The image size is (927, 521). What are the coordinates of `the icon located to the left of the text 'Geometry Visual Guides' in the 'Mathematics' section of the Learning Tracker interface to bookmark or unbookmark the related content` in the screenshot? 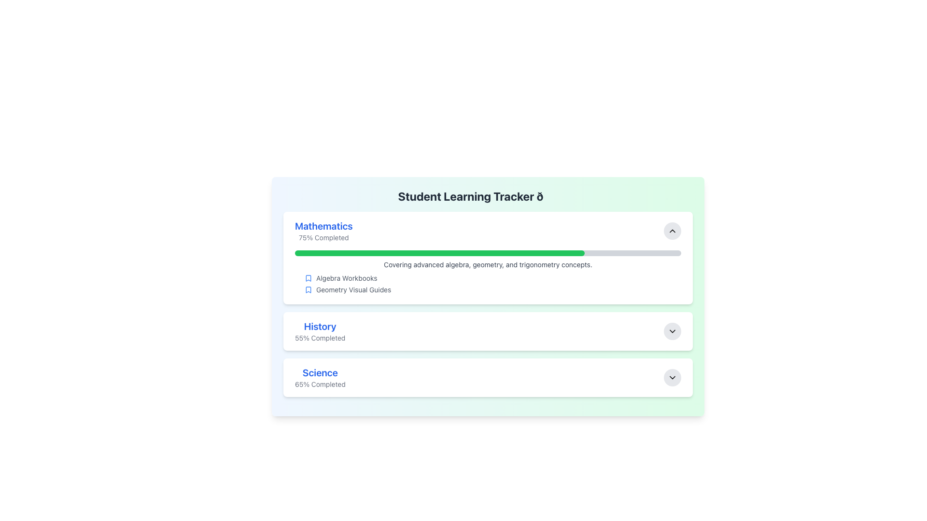 It's located at (308, 278).